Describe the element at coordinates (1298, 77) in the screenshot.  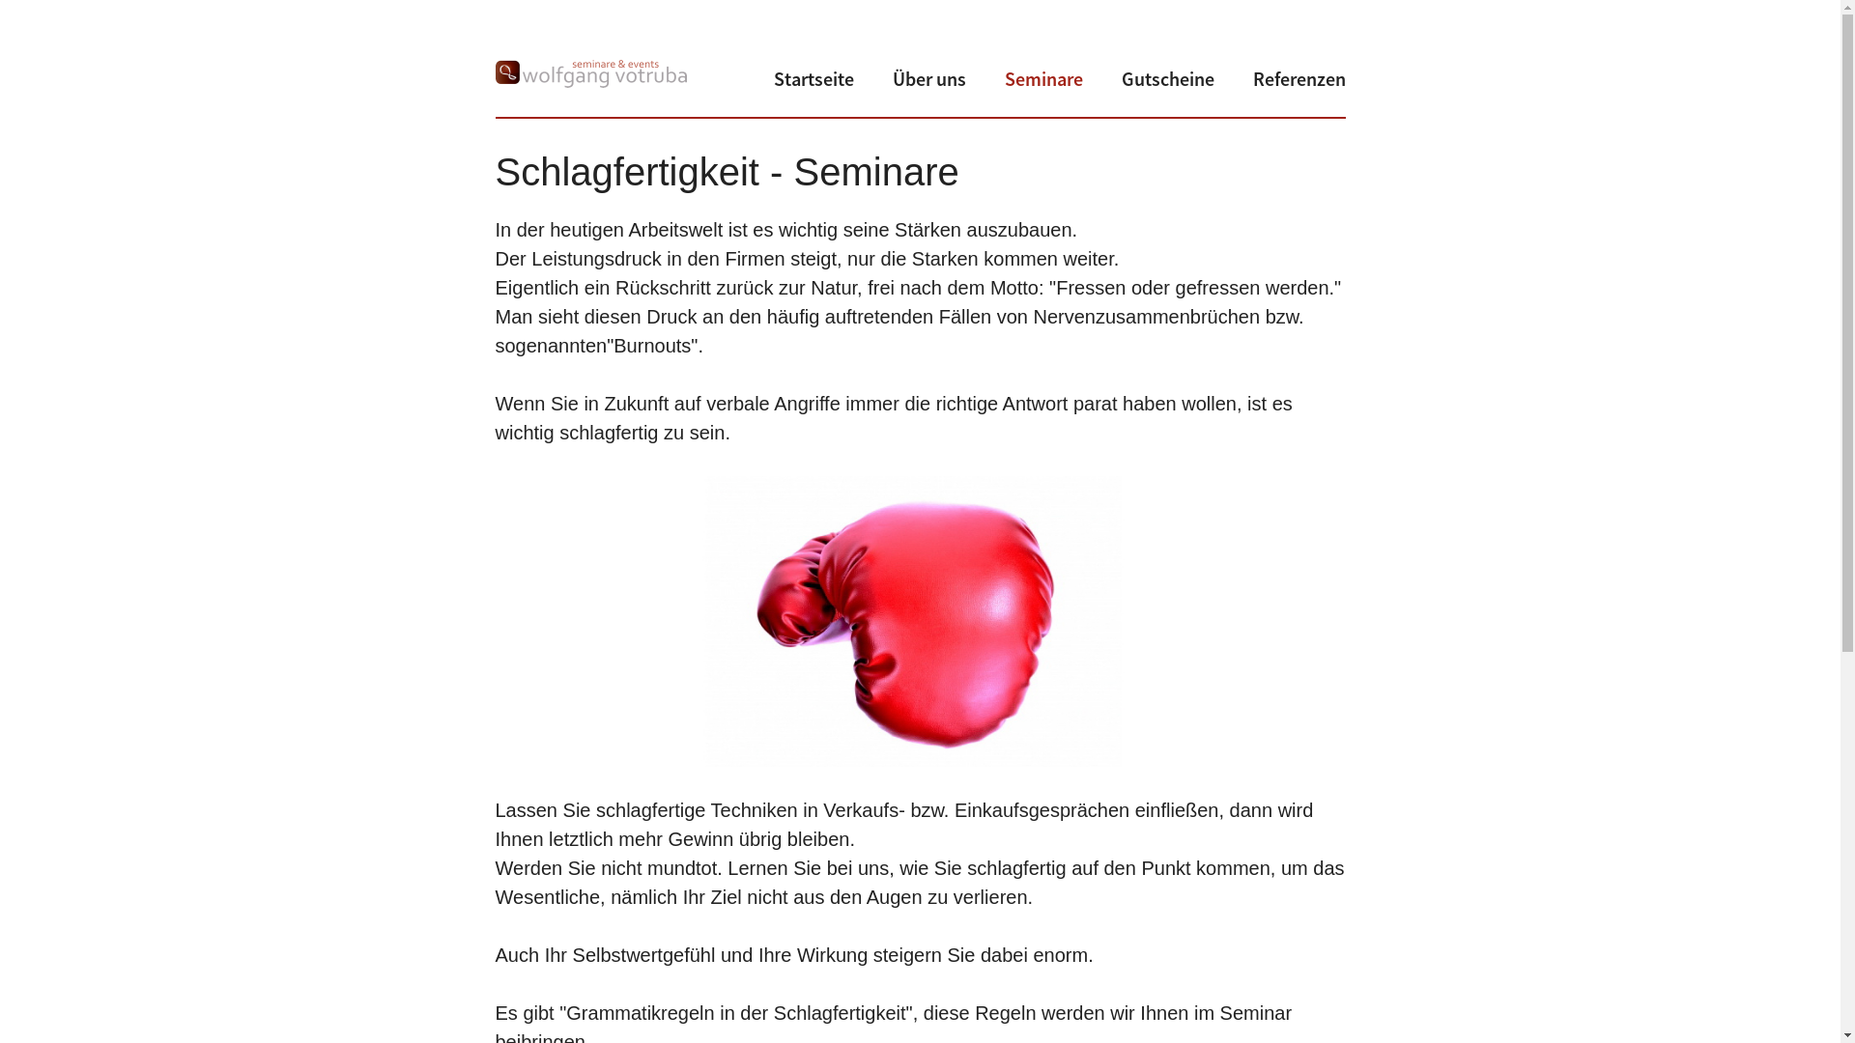
I see `'Referenzen'` at that location.